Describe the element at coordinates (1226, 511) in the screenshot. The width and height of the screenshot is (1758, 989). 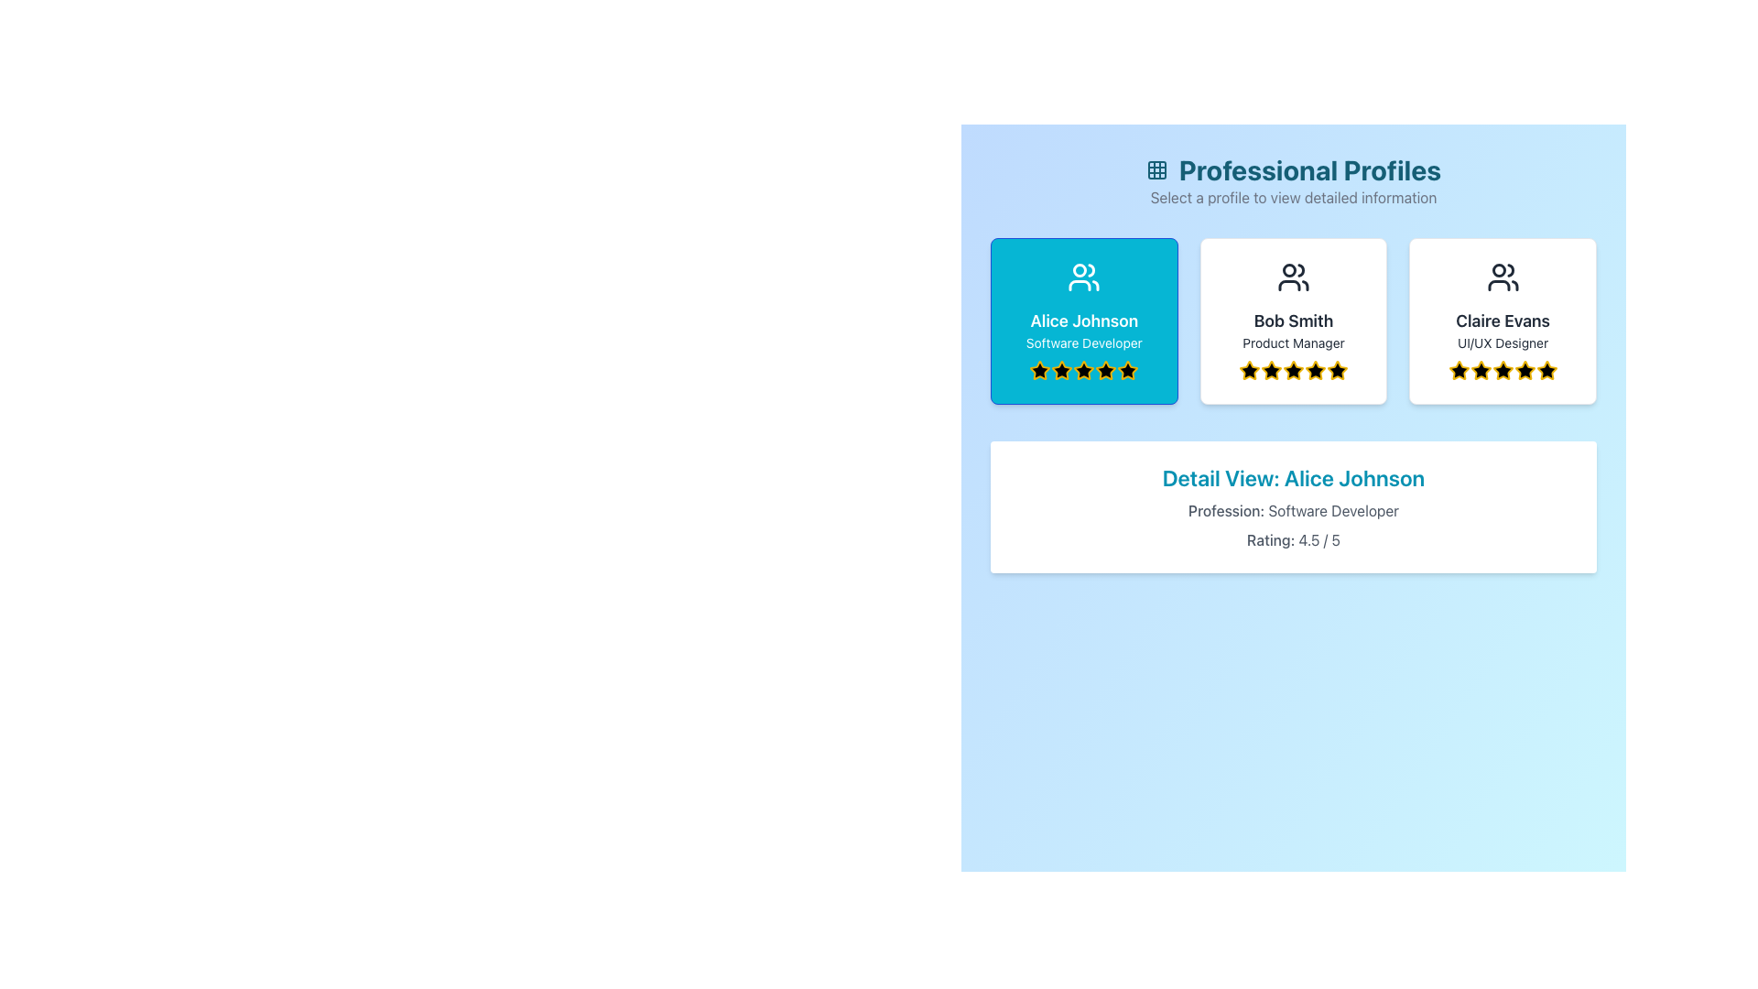
I see `the text label indicating the profession, which displays 'Profession: Software Developer' in the profile section` at that location.